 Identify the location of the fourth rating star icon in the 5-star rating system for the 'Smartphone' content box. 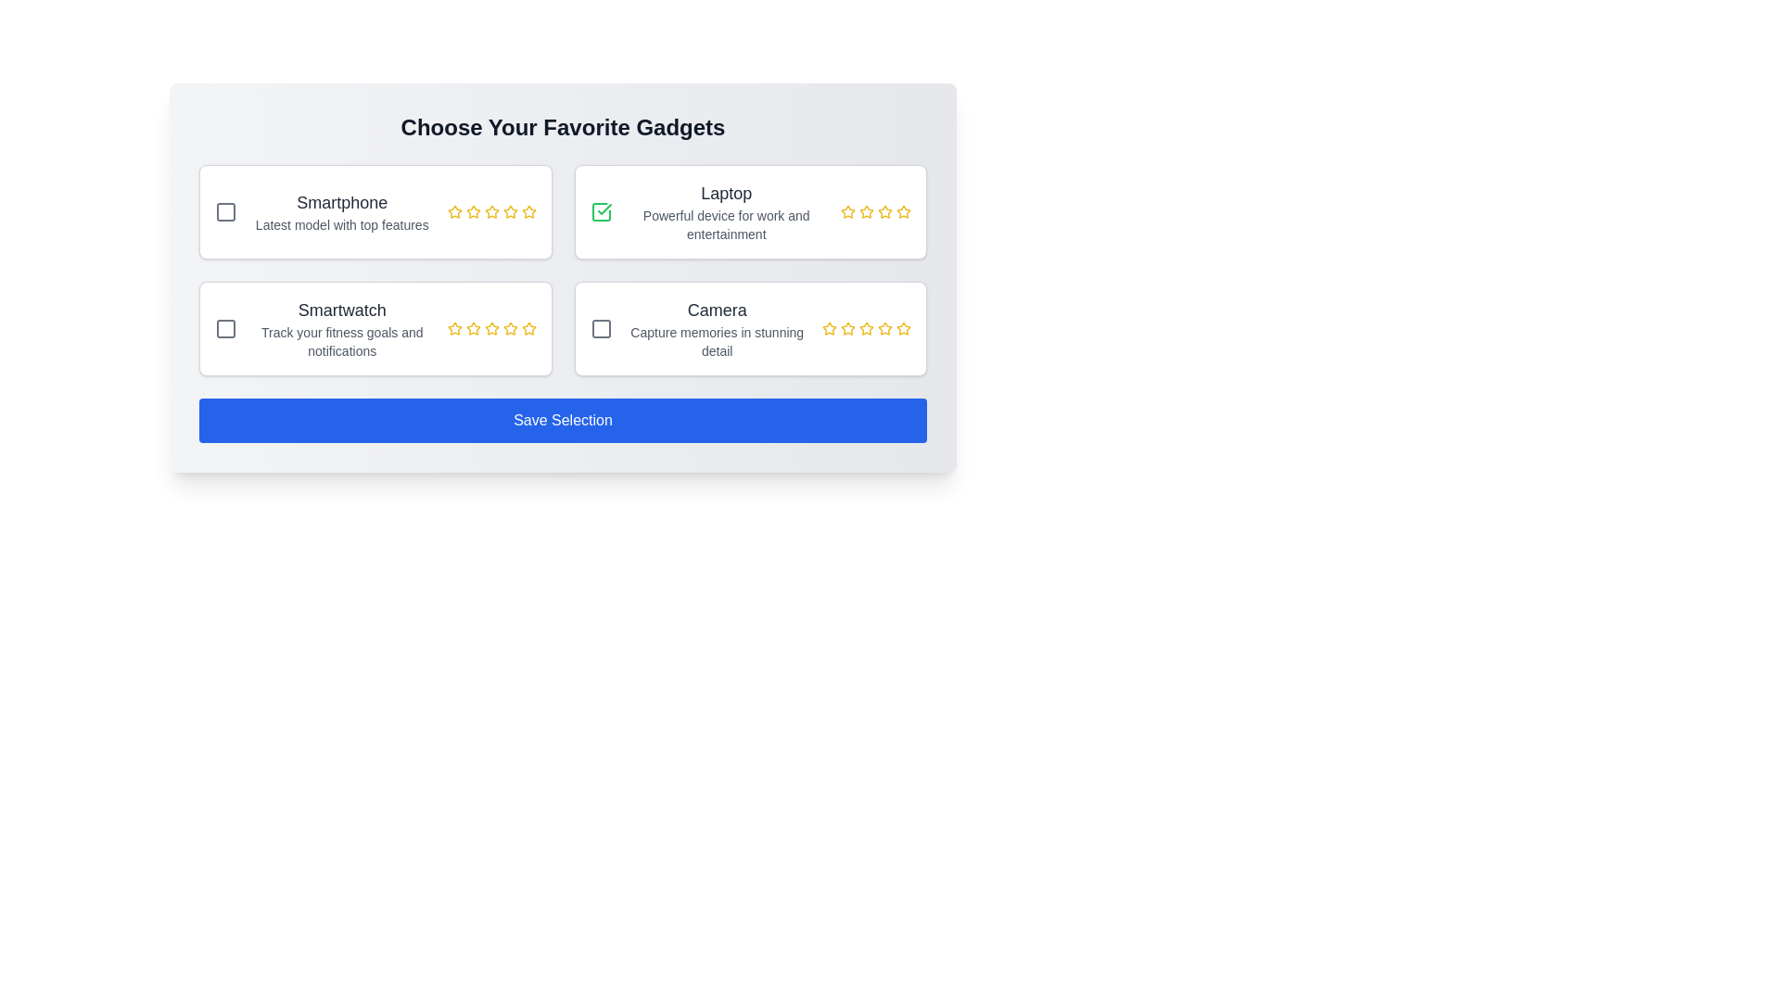
(491, 210).